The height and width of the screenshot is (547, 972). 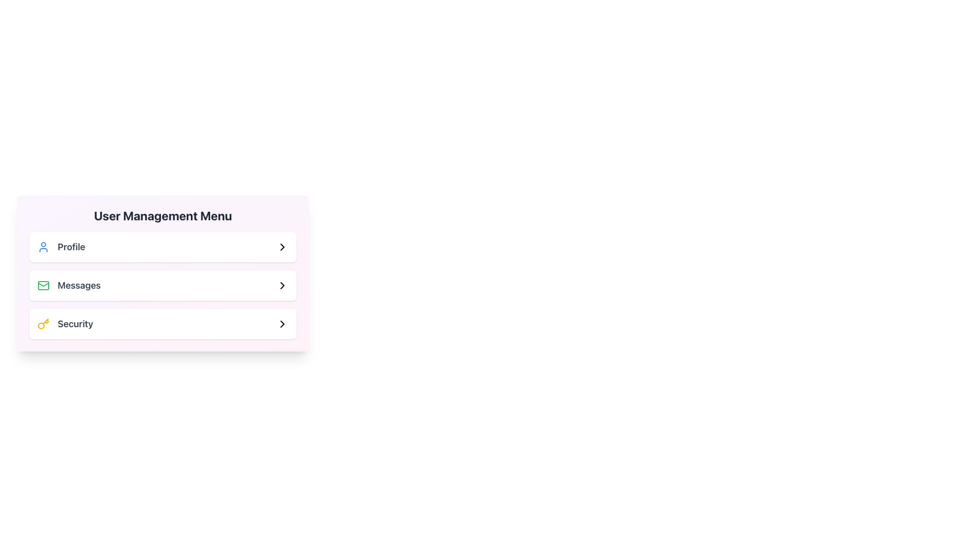 I want to click on the rectangular body of the envelope icon in the 'Messages' menu item, which is located in the second row of the menu, so click(x=43, y=285).